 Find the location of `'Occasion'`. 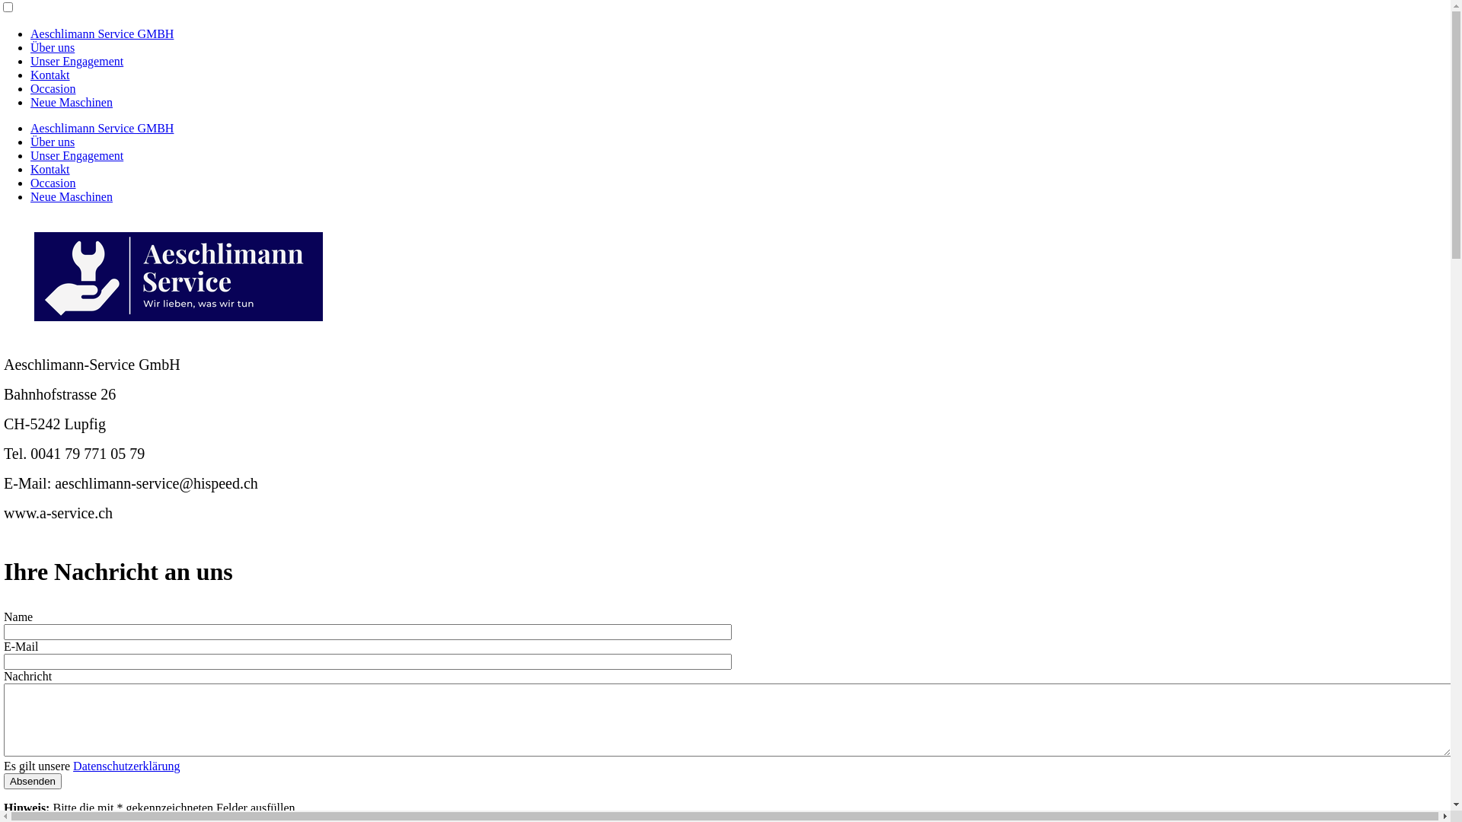

'Occasion' is located at coordinates (53, 182).